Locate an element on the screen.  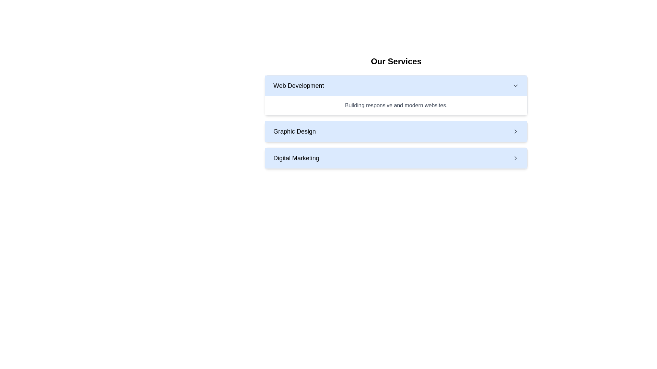
the third item in the vertical list that allows navigation to the 'Digital Marketing' section, located below 'Graphic Design' is located at coordinates (396, 158).